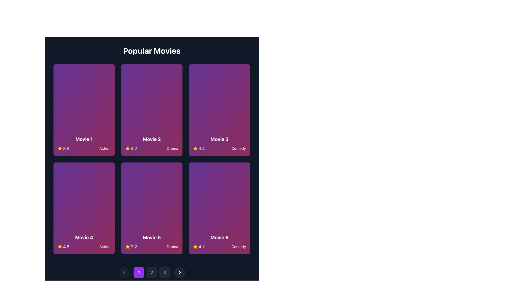 This screenshot has width=516, height=290. What do you see at coordinates (60, 148) in the screenshot?
I see `star-shaped rating icon with a yellow fill located at the top-left corner of the grid layout under 'Popular Movies', to the left of the numeric rating value '3.6'` at bounding box center [60, 148].